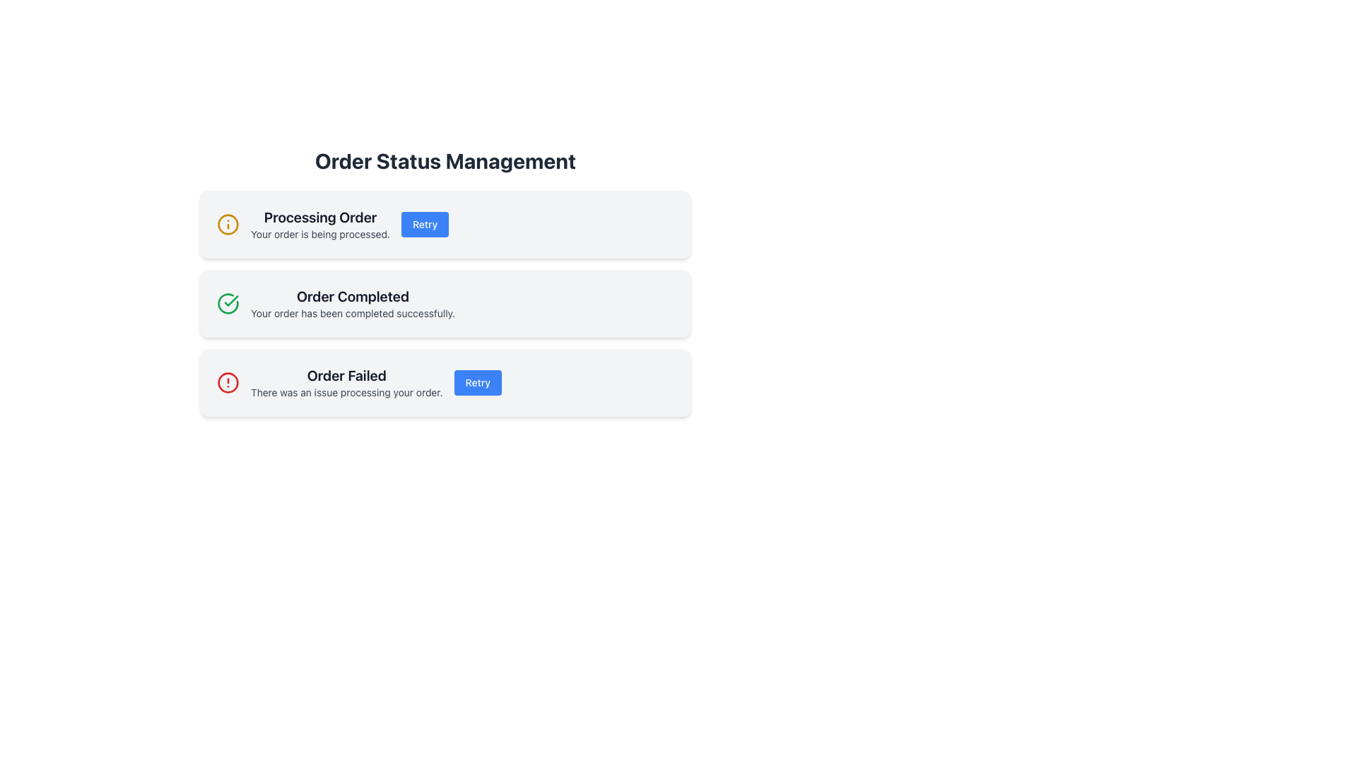  Describe the element at coordinates (445, 302) in the screenshot. I see `the Informational Section that features a green checkmark icon, the bold heading 'Order Completed', and the descriptive text 'Your order has been completed successfully.'` at that location.